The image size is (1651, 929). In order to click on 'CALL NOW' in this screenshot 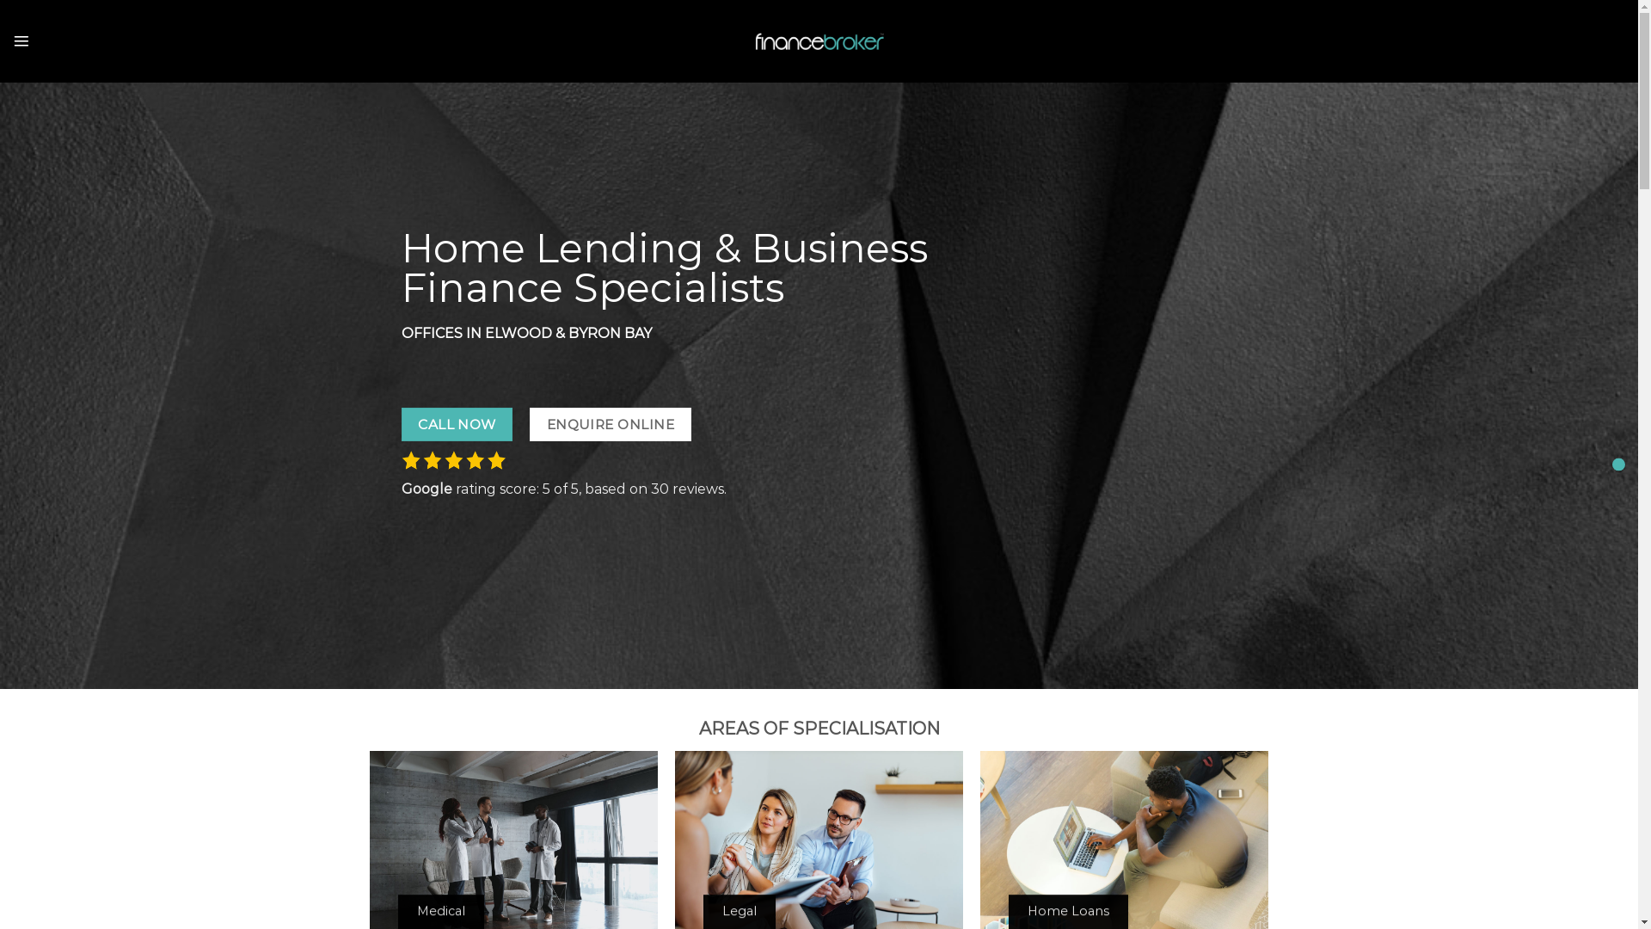, I will do `click(457, 424)`.